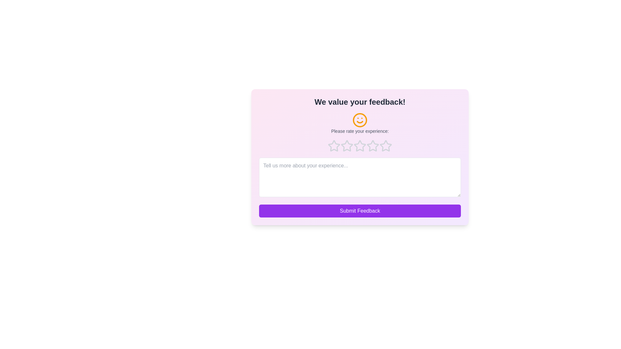 The width and height of the screenshot is (621, 349). I want to click on the smiling face icon in the visual prompt that asks 'Please rate your experience:' to trigger possible animations or highlighting, so click(360, 123).